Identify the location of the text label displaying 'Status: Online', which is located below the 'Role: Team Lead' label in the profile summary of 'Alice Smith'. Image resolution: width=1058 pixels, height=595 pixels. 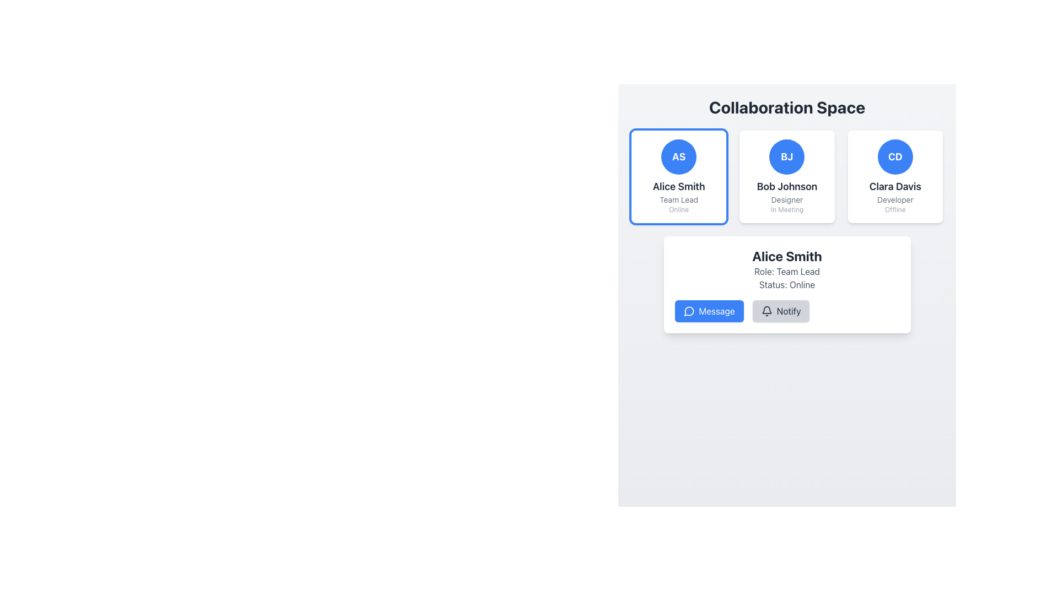
(786, 284).